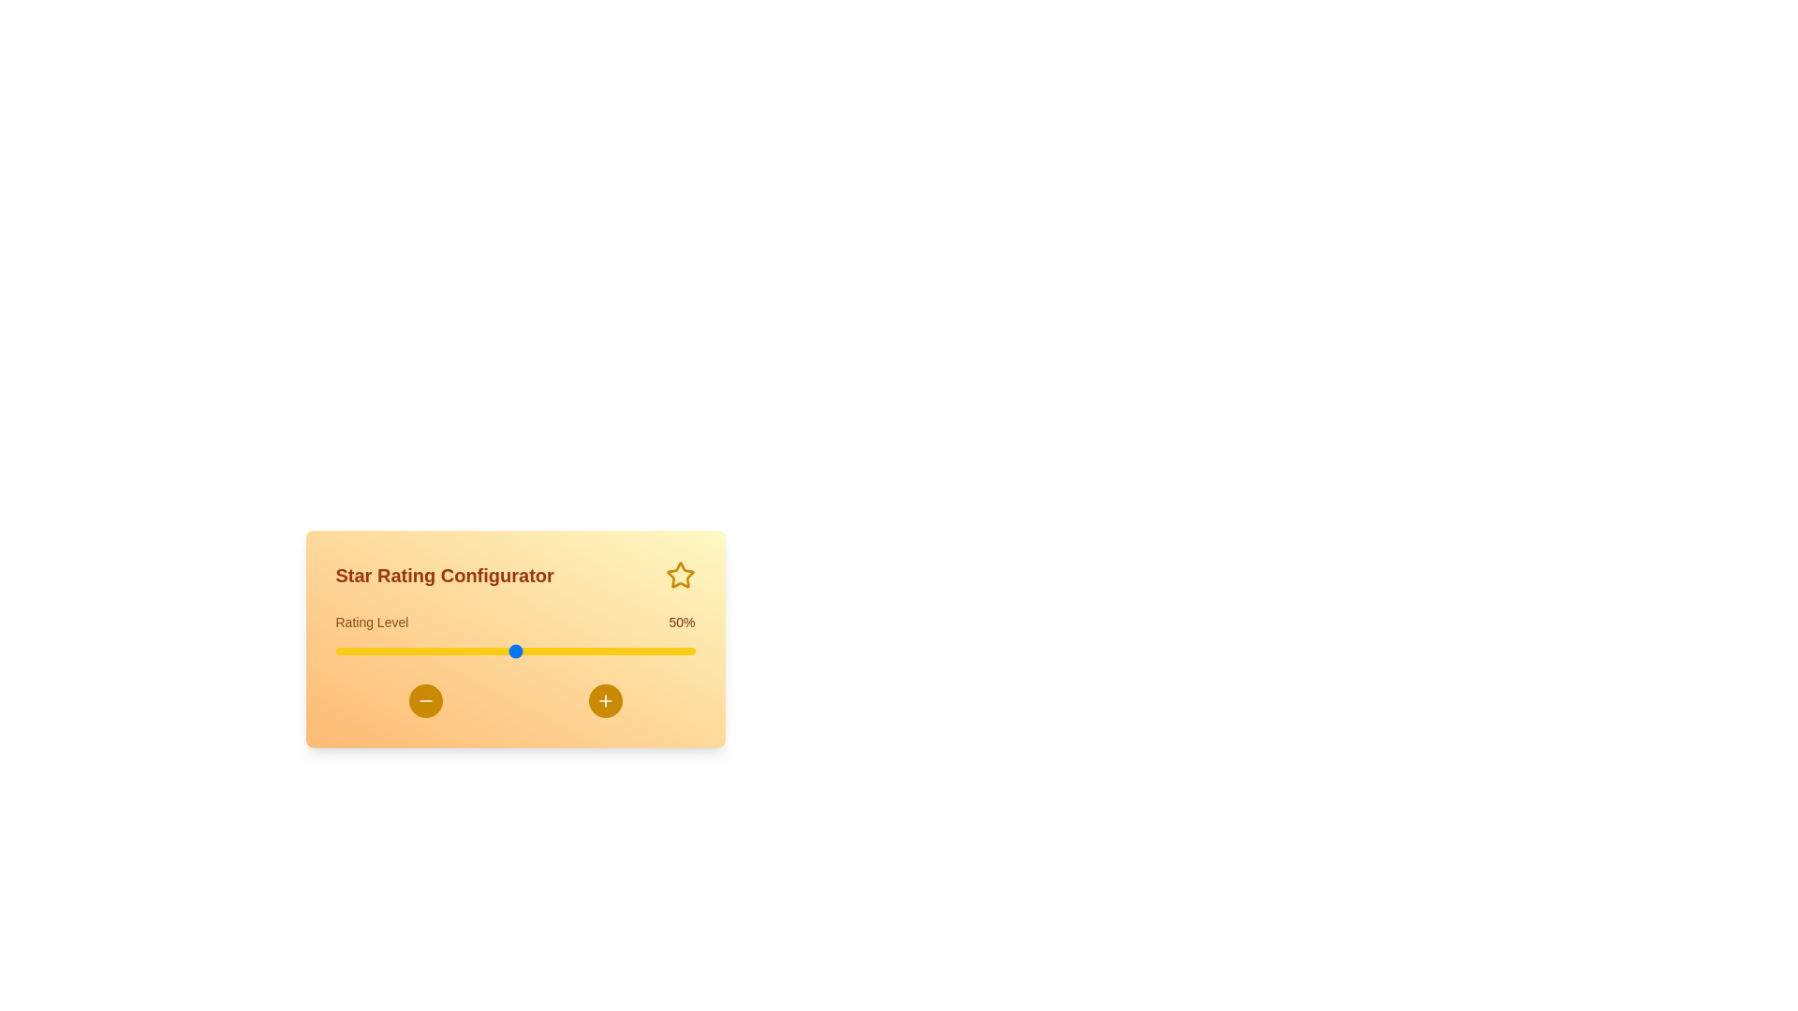 The width and height of the screenshot is (1798, 1011). Describe the element at coordinates (406, 650) in the screenshot. I see `the slider to set the rating to 20%` at that location.